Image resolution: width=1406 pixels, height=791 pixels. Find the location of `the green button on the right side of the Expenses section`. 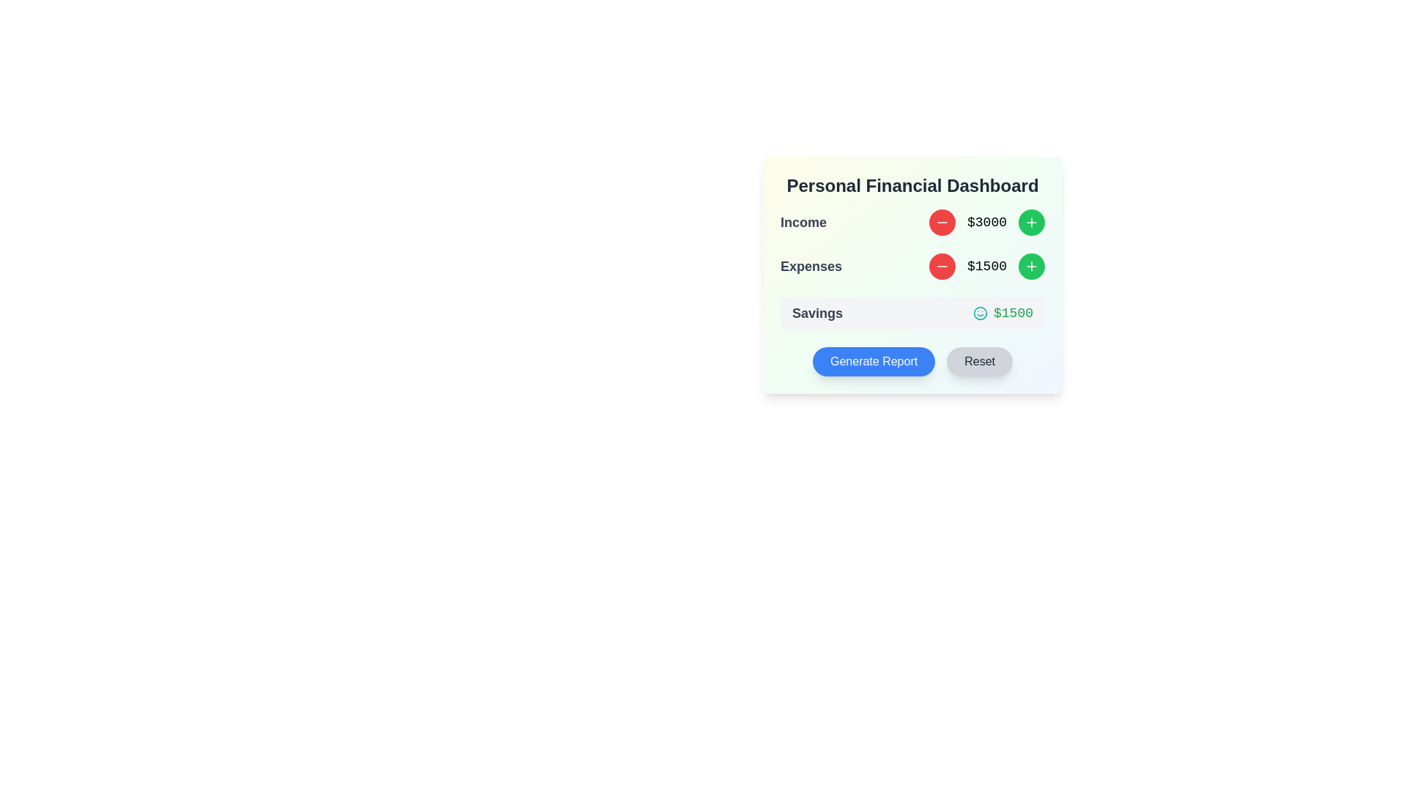

the green button on the right side of the Expenses section is located at coordinates (1031, 223).